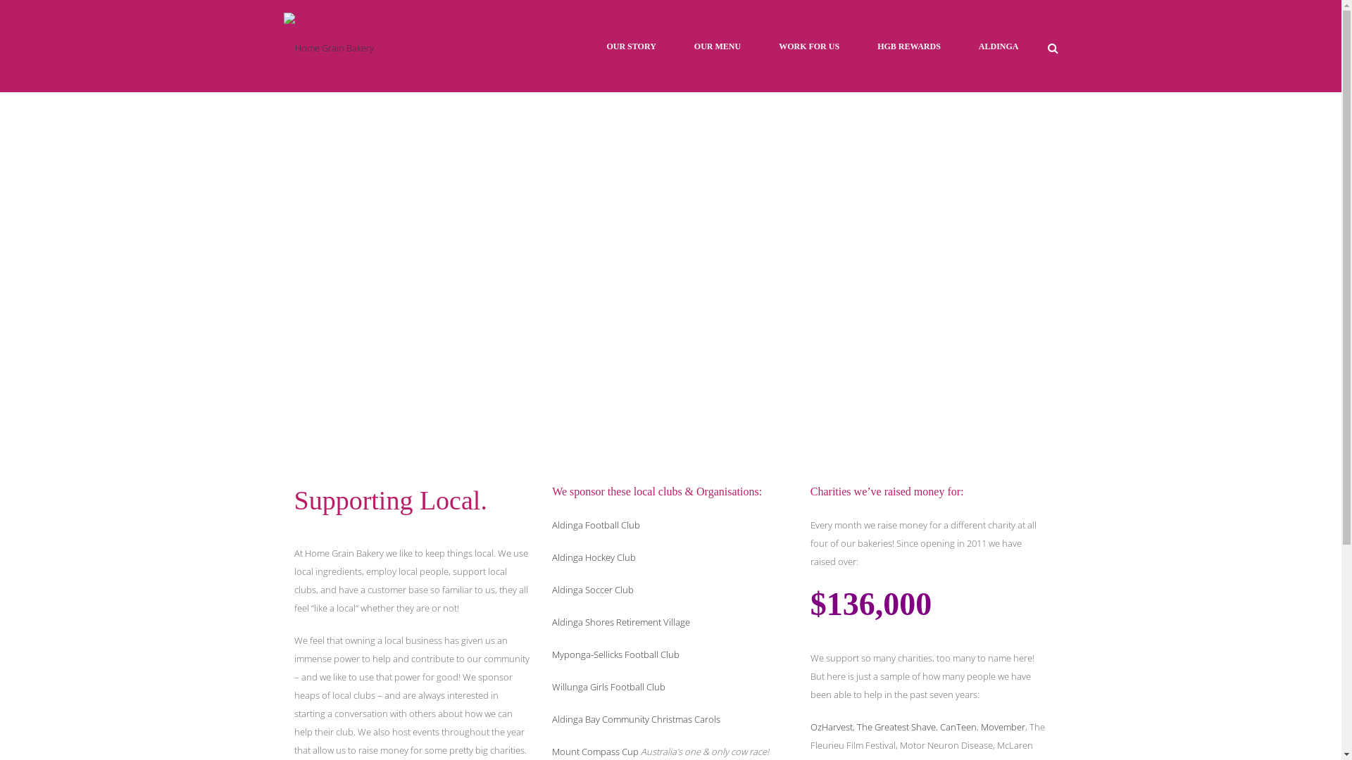 The image size is (1352, 760). I want to click on 'HGB REWARDS', so click(909, 45).